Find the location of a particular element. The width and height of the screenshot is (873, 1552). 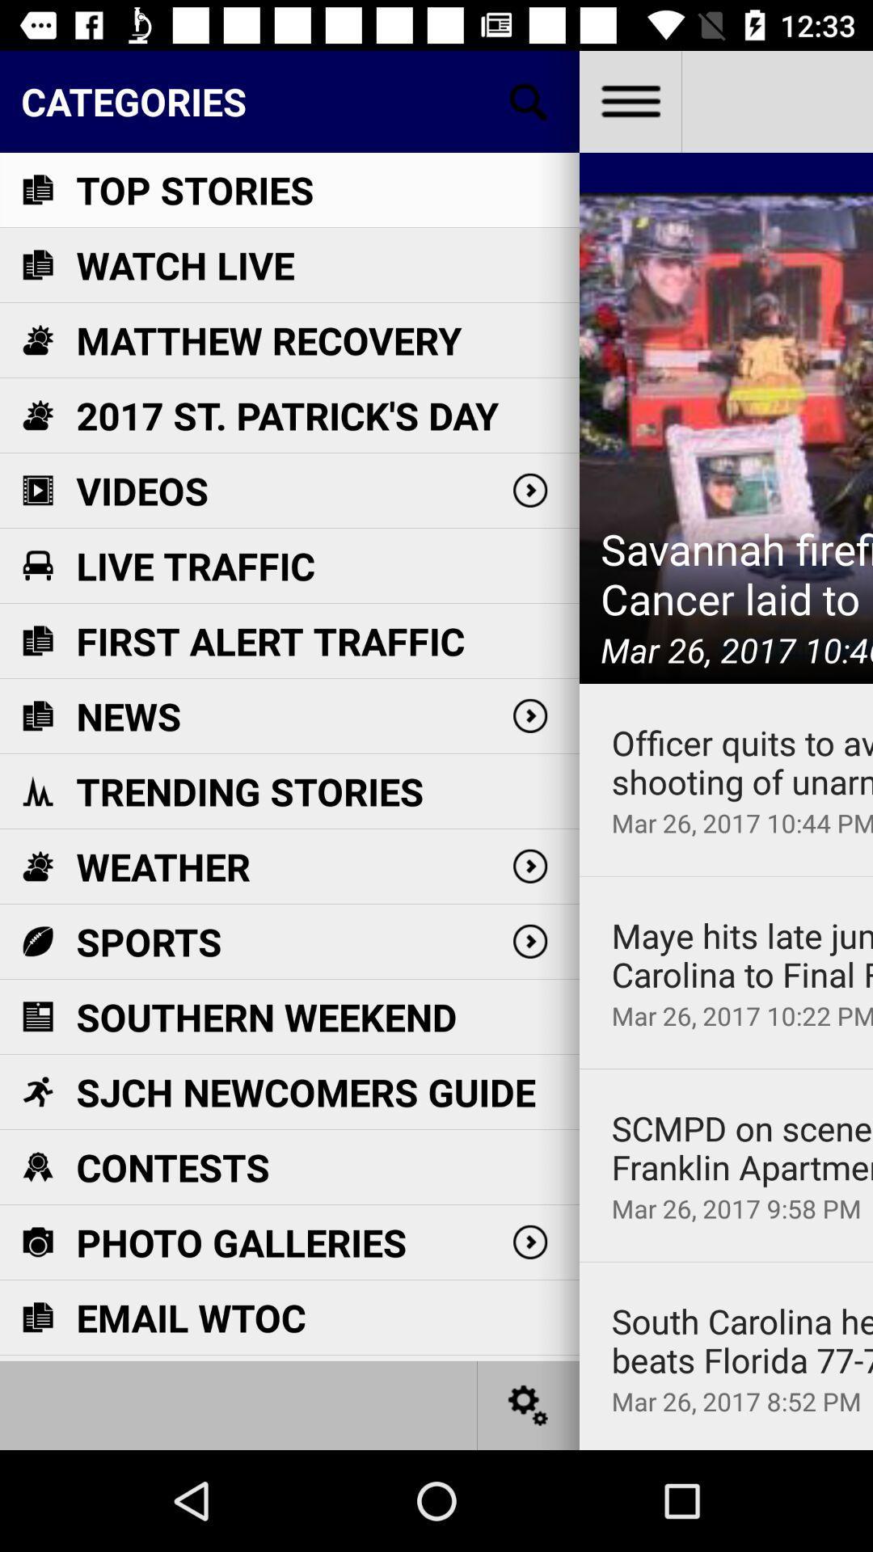

the settings icon is located at coordinates (529, 1404).